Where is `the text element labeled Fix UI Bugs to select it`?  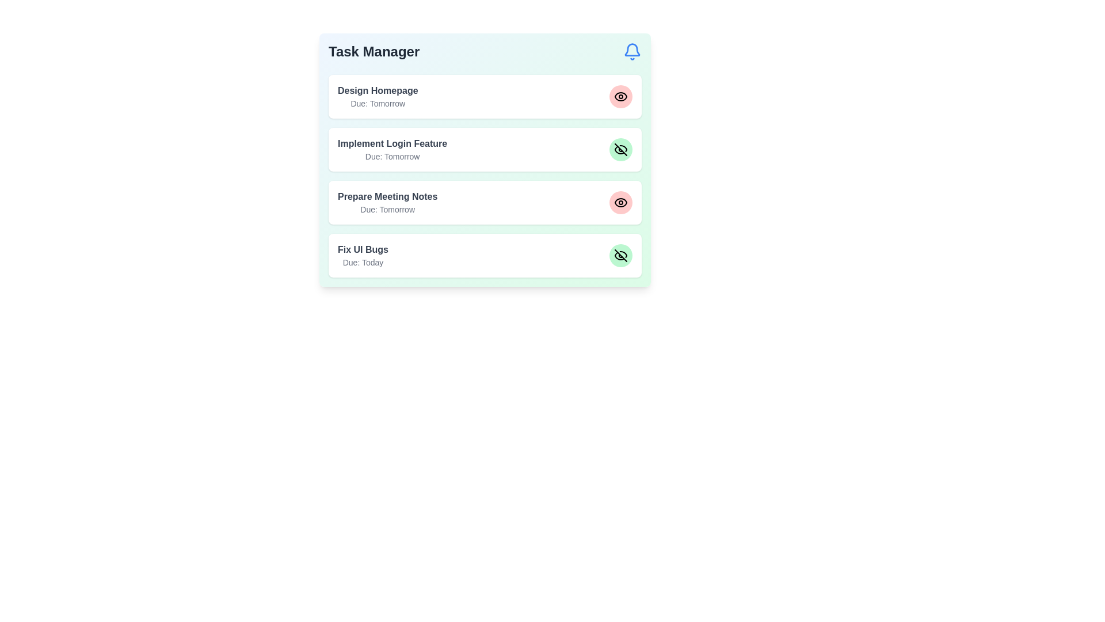
the text element labeled Fix UI Bugs to select it is located at coordinates (363, 249).